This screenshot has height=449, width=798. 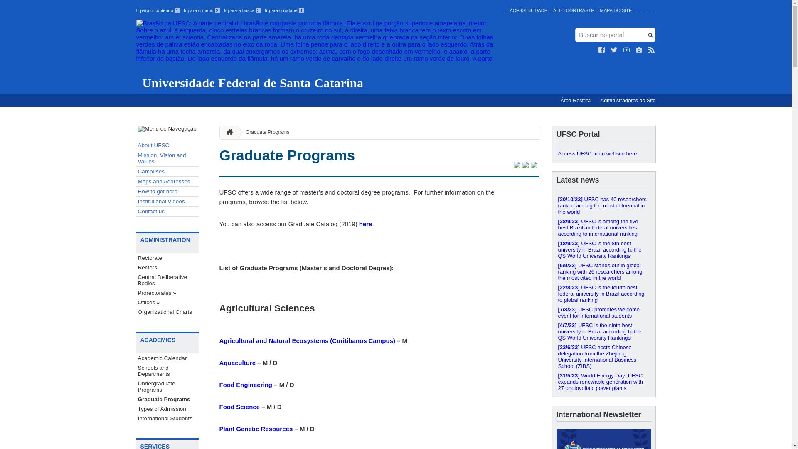 What do you see at coordinates (573, 10) in the screenshot?
I see `'ALTO CONTRASTE'` at bounding box center [573, 10].